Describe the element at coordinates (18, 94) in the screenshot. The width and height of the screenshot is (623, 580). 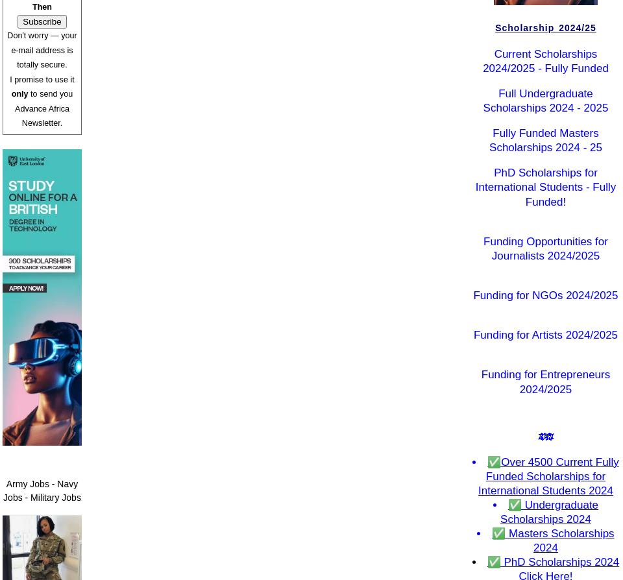
I see `'only'` at that location.